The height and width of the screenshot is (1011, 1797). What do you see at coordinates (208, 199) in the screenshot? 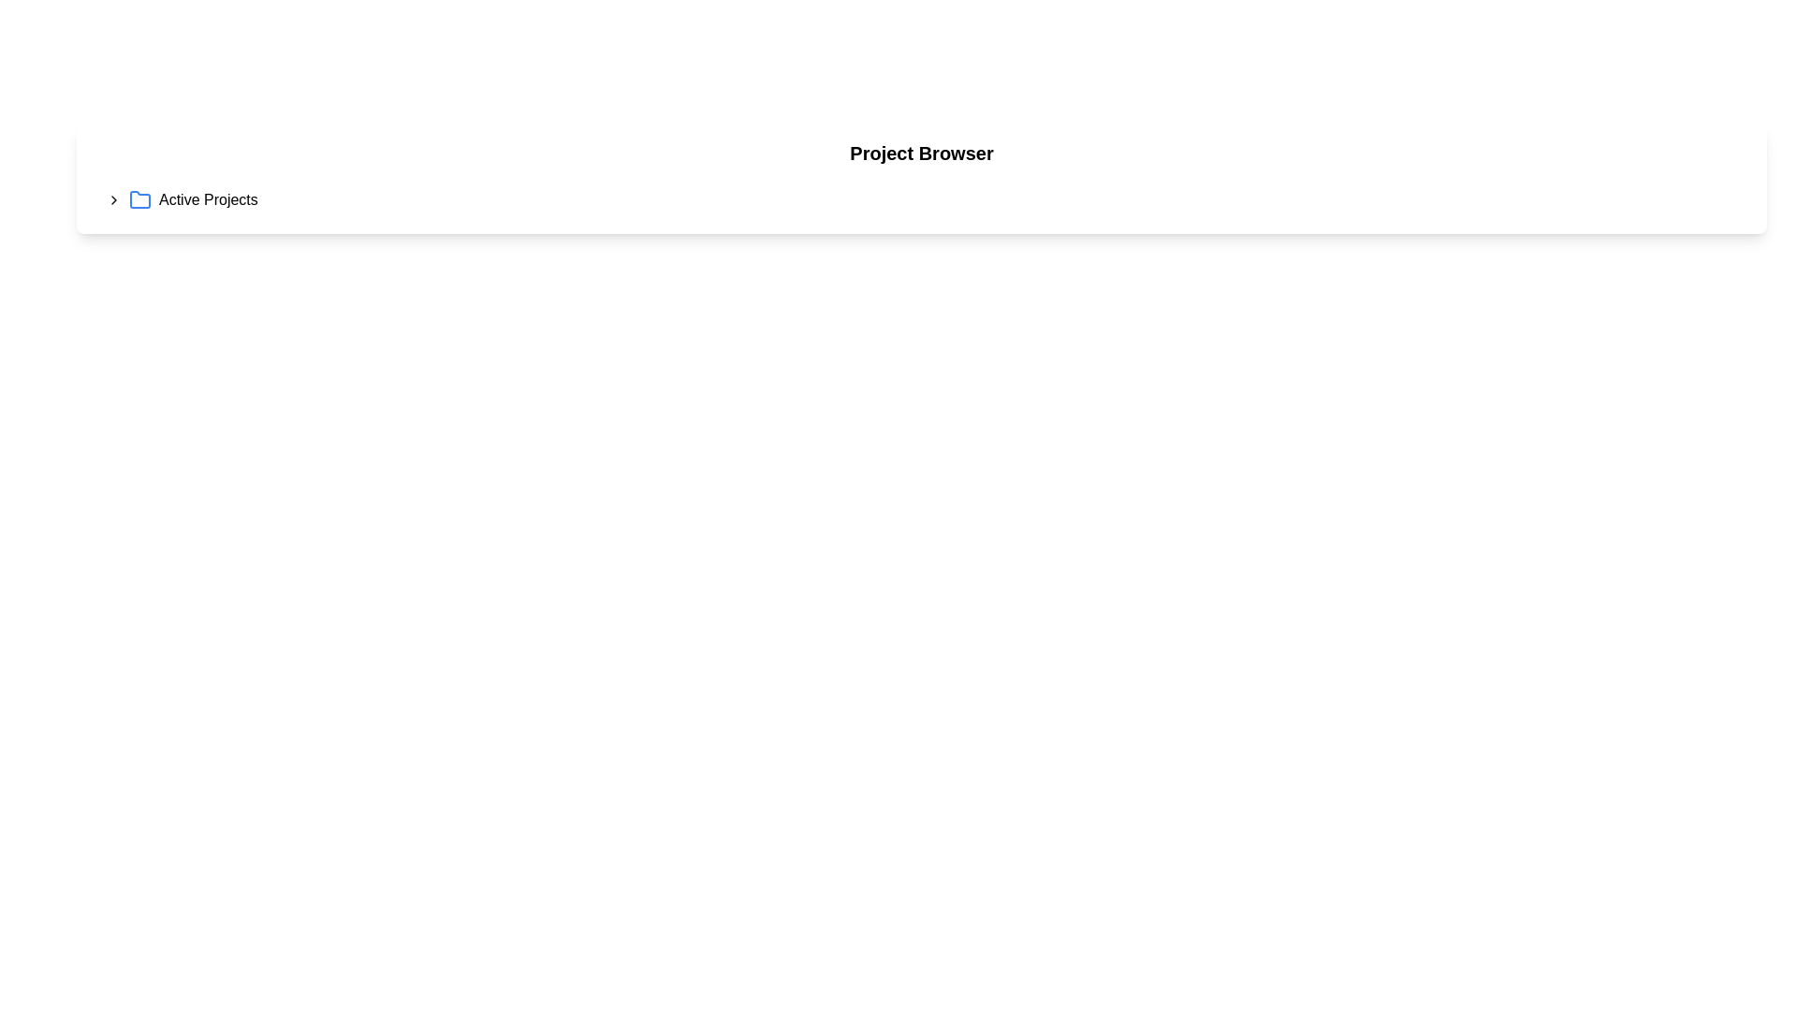
I see `the text label displaying 'Active Projects', which is positioned to the right of a blue folder icon in the main interface` at bounding box center [208, 199].